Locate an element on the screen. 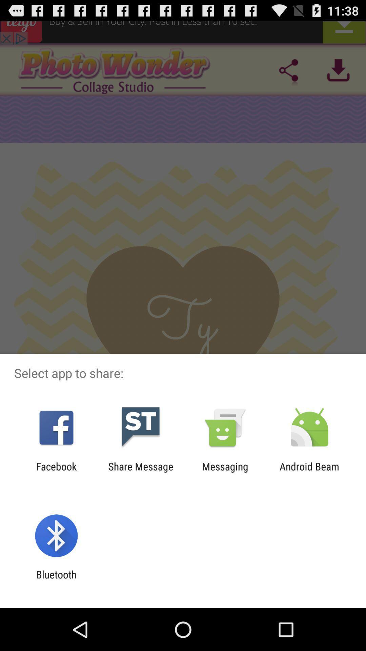 The height and width of the screenshot is (651, 366). the facebook app is located at coordinates (56, 472).